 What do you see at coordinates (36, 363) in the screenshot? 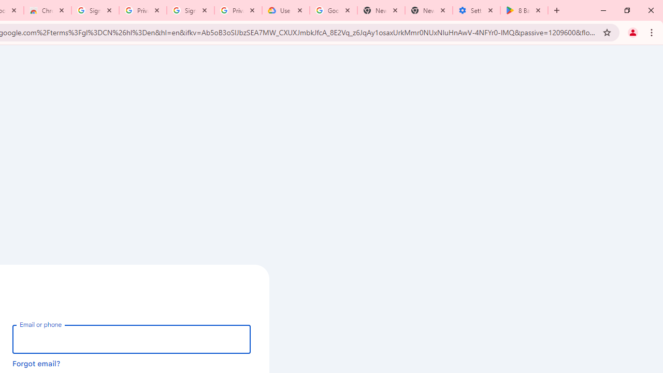
I see `'Forgot email?'` at bounding box center [36, 363].